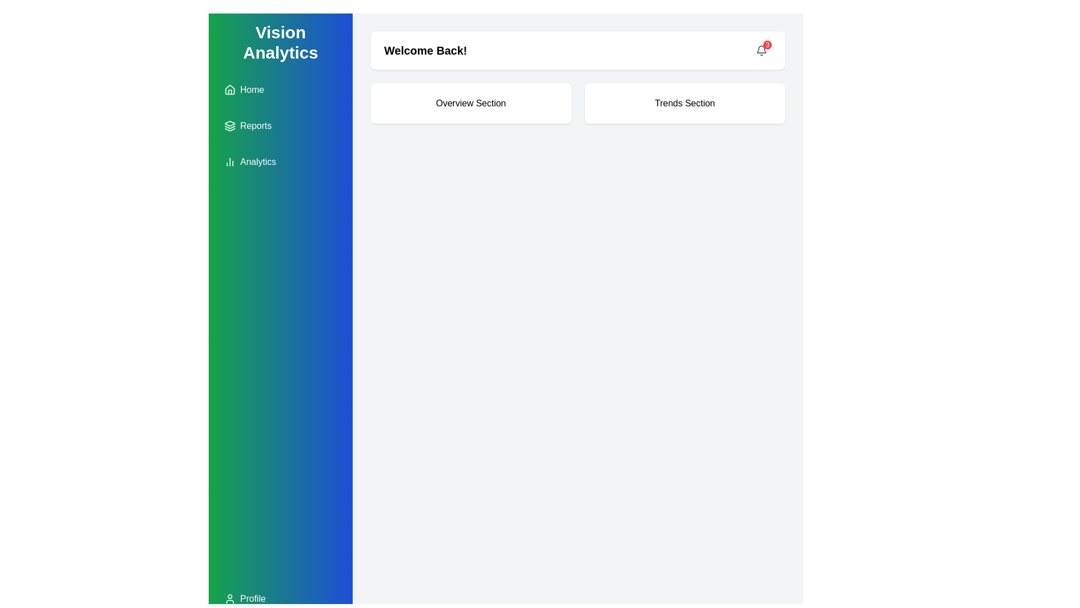 This screenshot has height=608, width=1080. What do you see at coordinates (761, 50) in the screenshot?
I see `the notification icon shaped like a bell with a gray color tone and a small red badge indicating 3 new notifications` at bounding box center [761, 50].